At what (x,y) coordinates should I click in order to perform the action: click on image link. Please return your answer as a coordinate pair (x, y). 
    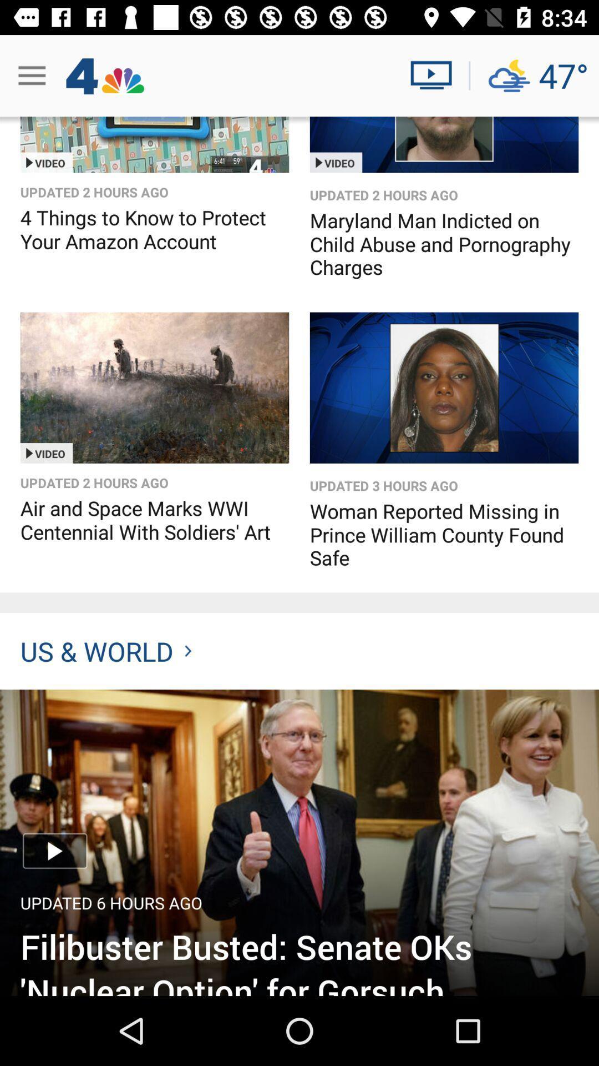
    Looking at the image, I should click on (299, 842).